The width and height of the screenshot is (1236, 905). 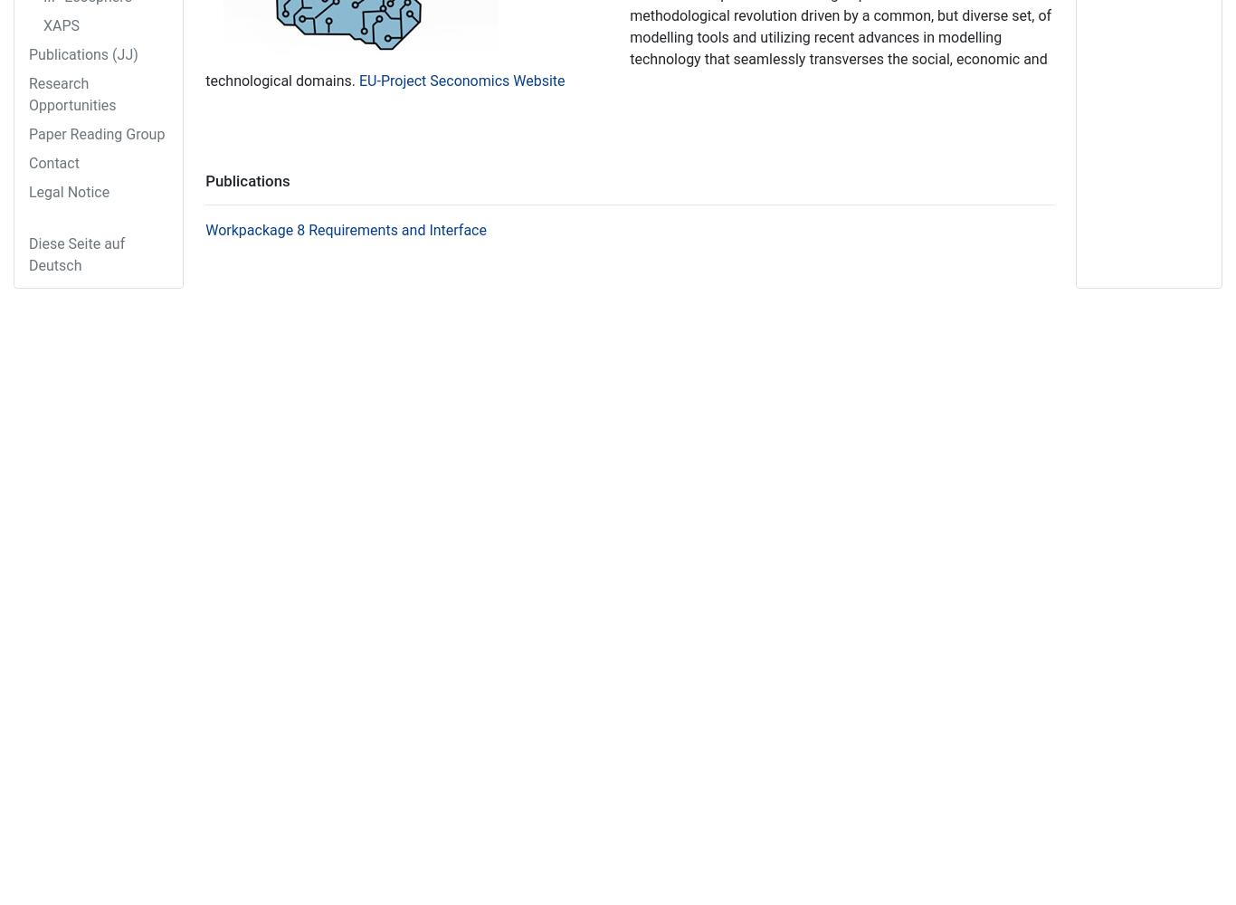 I want to click on 'Diese Seite auf Deutsch', so click(x=76, y=254).